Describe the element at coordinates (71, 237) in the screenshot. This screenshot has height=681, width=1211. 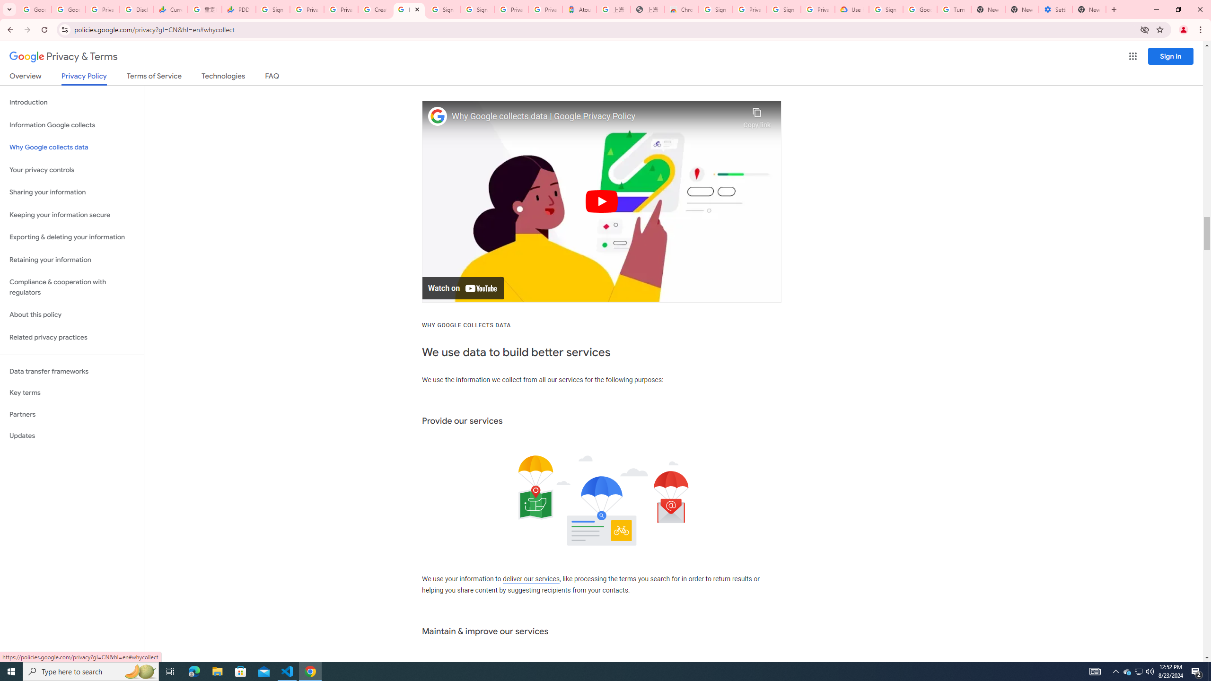
I see `'Exporting & deleting your information'` at that location.